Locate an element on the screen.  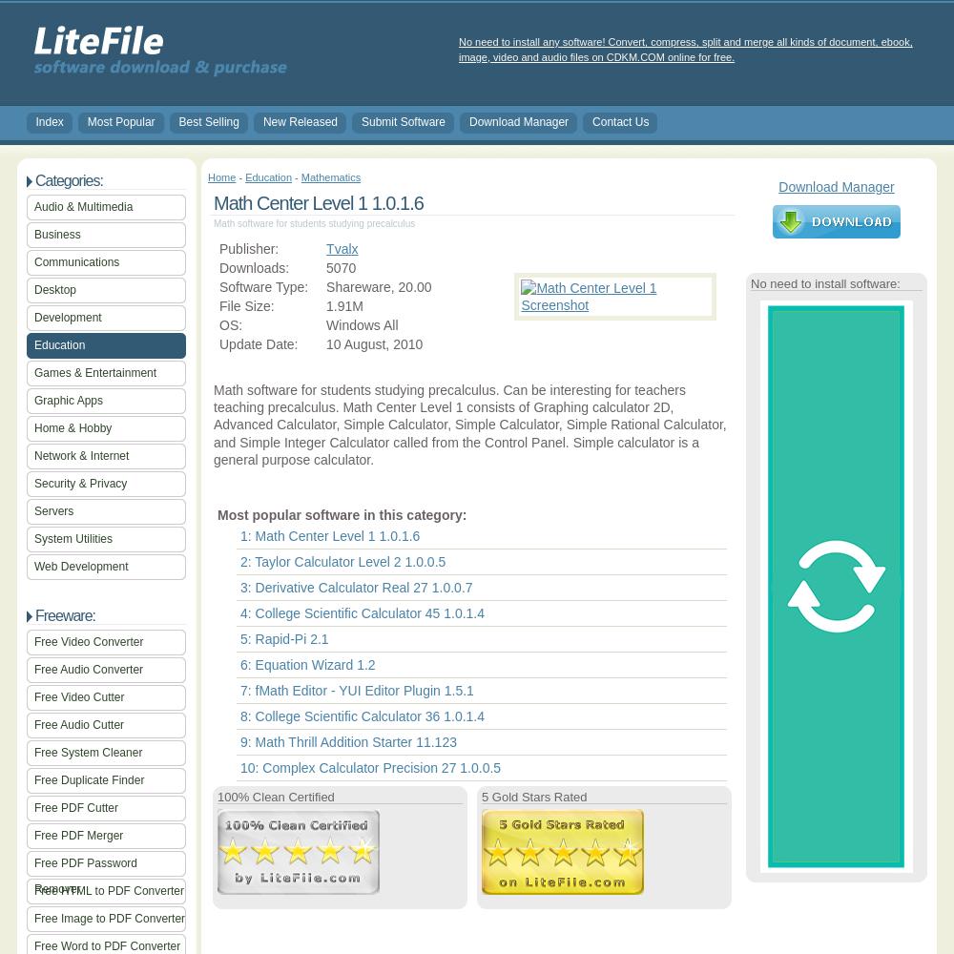
'10 August, 2010' is located at coordinates (374, 343).